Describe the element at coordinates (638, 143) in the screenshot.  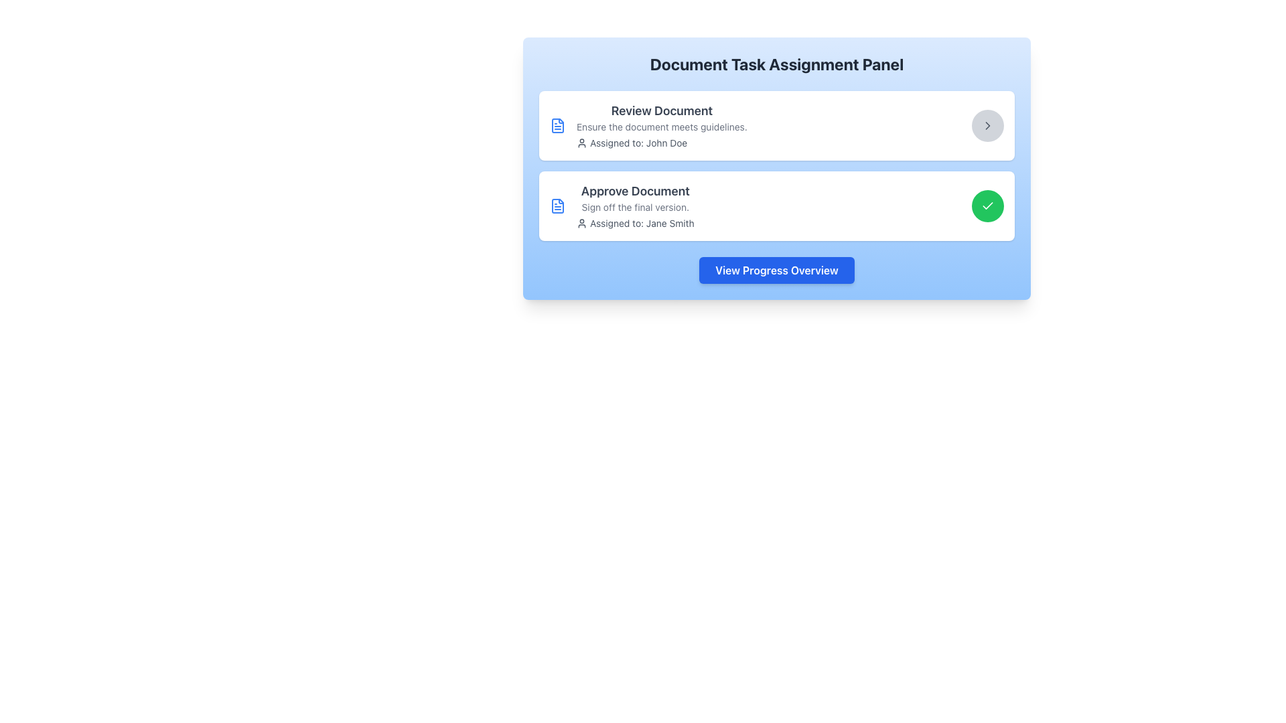
I see `the text label displaying 'Assigned to: John Doe.' located in the upper task panel labeled 'Review Document.'` at that location.